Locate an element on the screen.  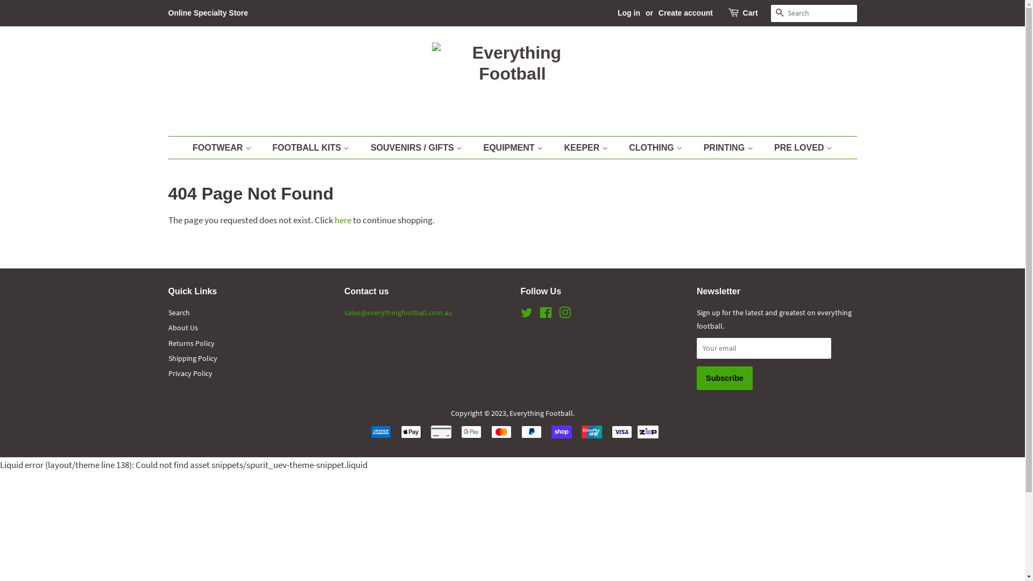
'Shipping Policy' is located at coordinates (192, 358).